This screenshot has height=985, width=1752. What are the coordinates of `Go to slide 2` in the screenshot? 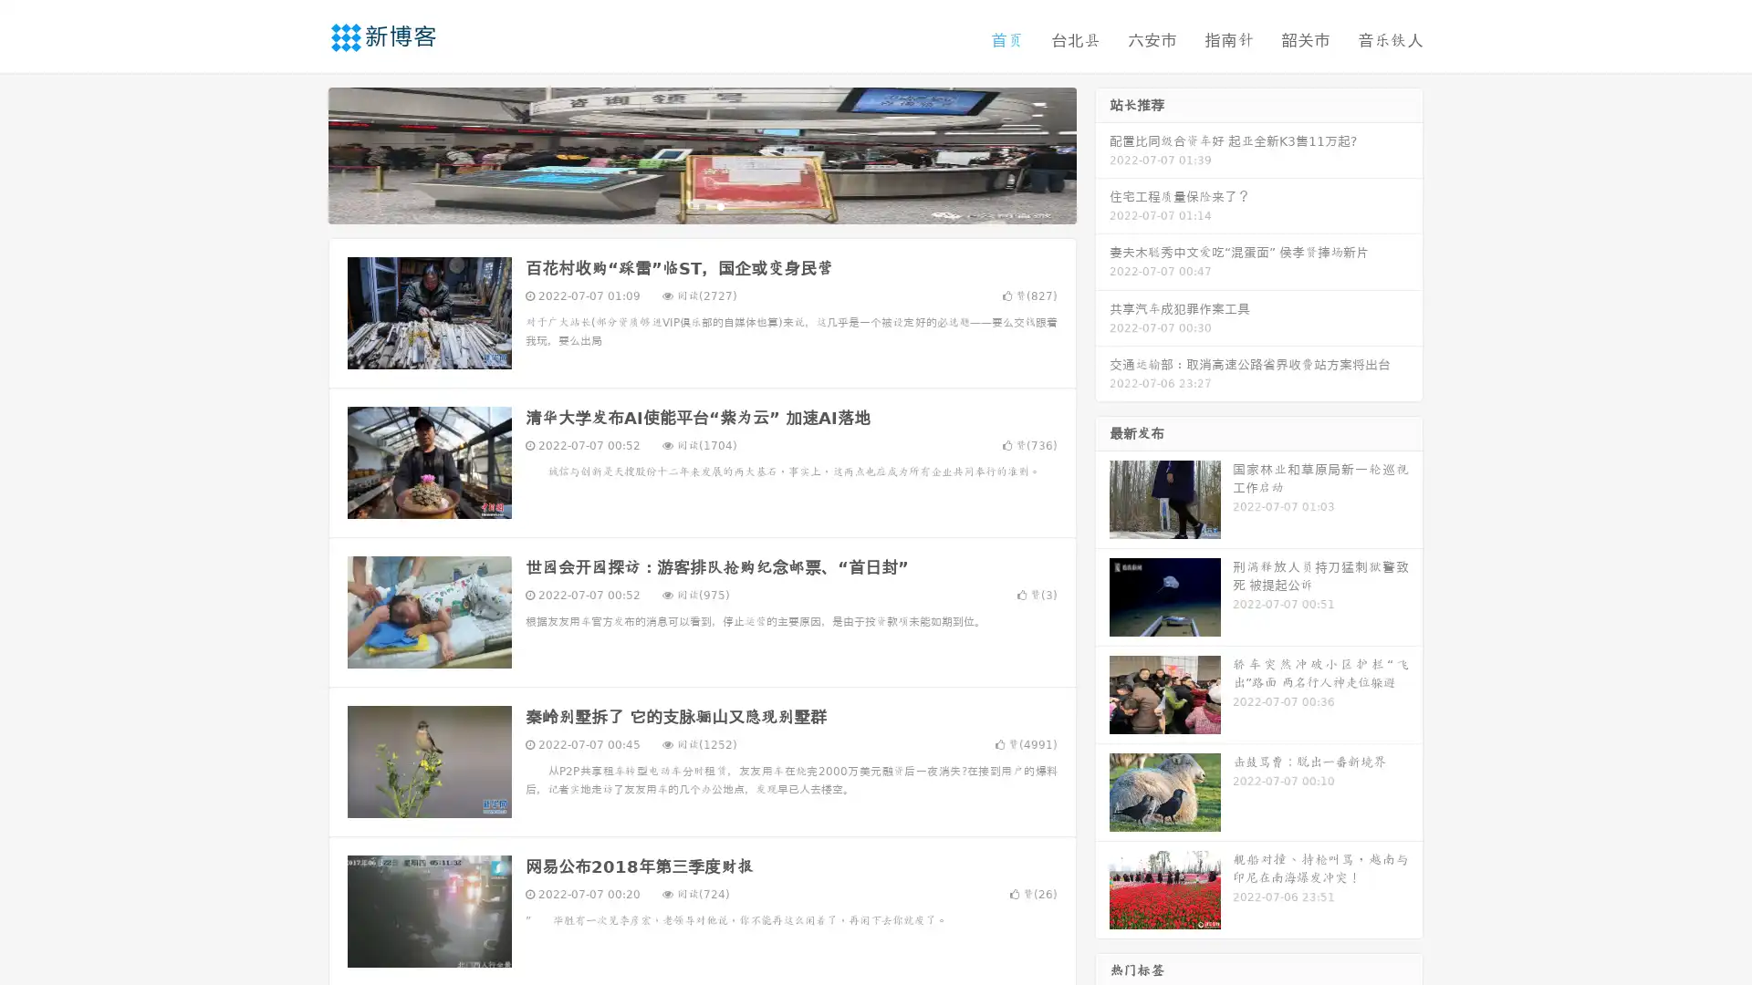 It's located at (701, 205).